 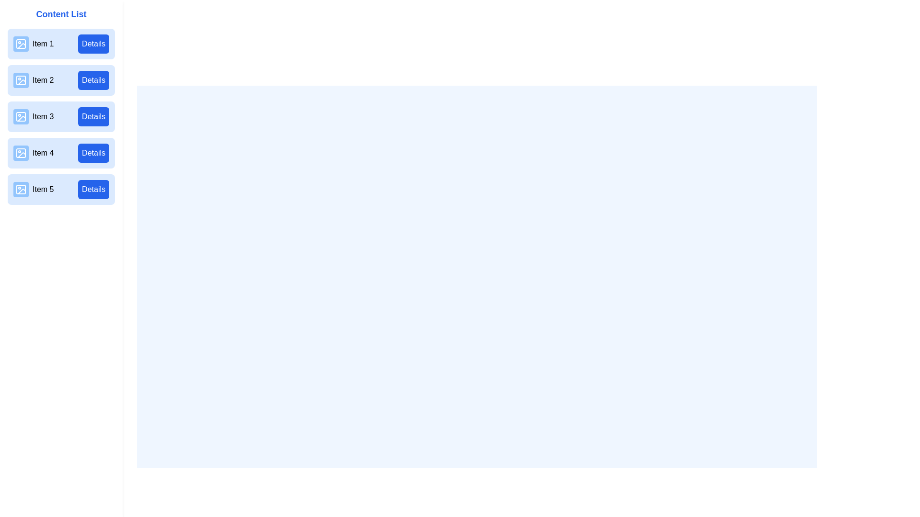 I want to click on the 'Details' button of the list item labeled 'Item 5', so click(x=61, y=190).